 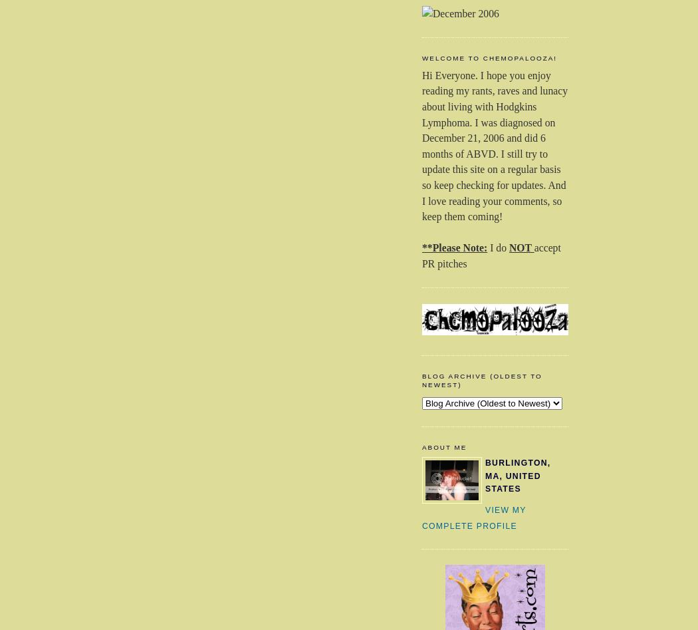 I want to click on 'accept PR pitches', so click(x=422, y=255).